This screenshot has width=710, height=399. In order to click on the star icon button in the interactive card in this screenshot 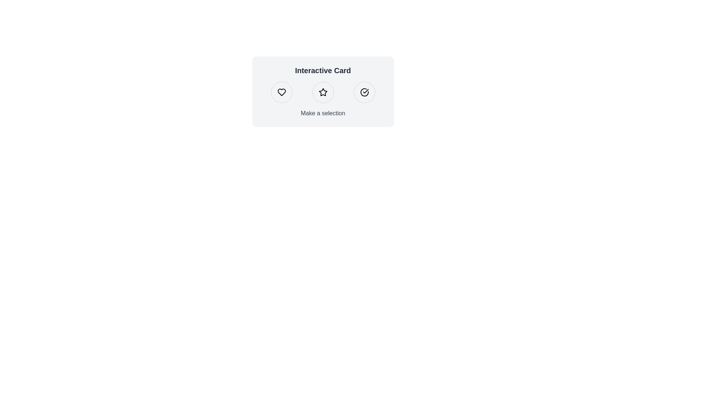, I will do `click(323, 92)`.